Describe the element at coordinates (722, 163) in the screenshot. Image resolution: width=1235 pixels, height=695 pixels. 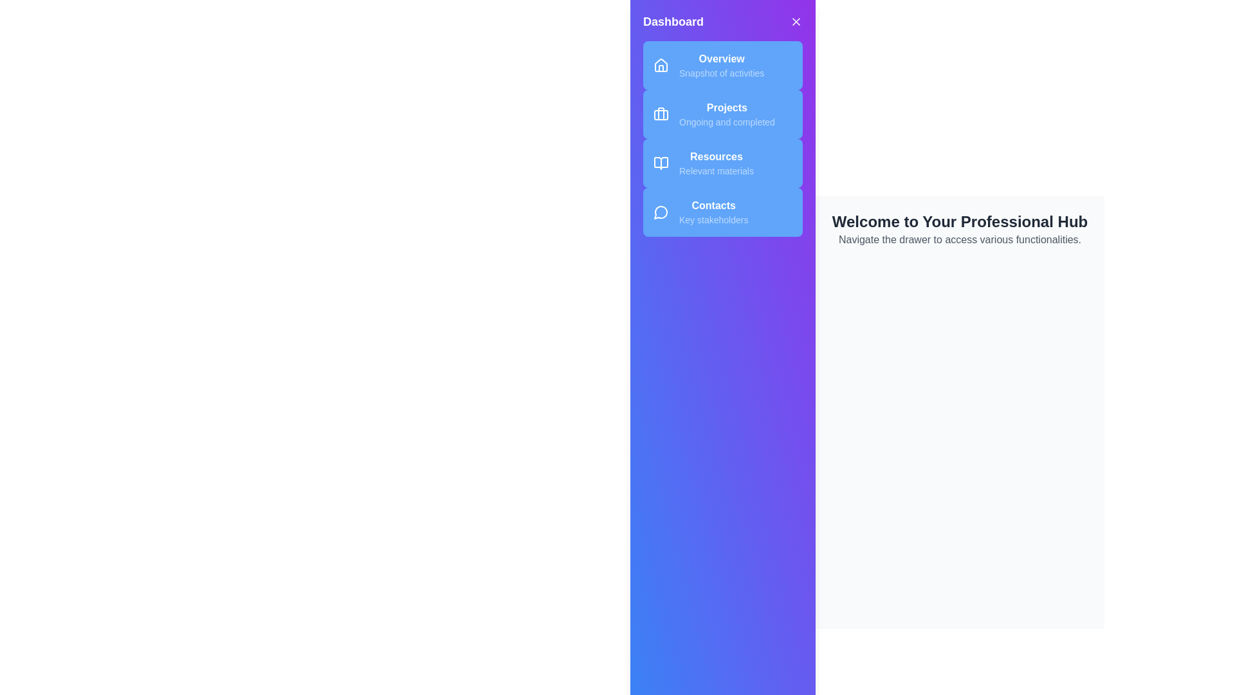
I see `the menu item labeled Resources to observe its hover effect` at that location.